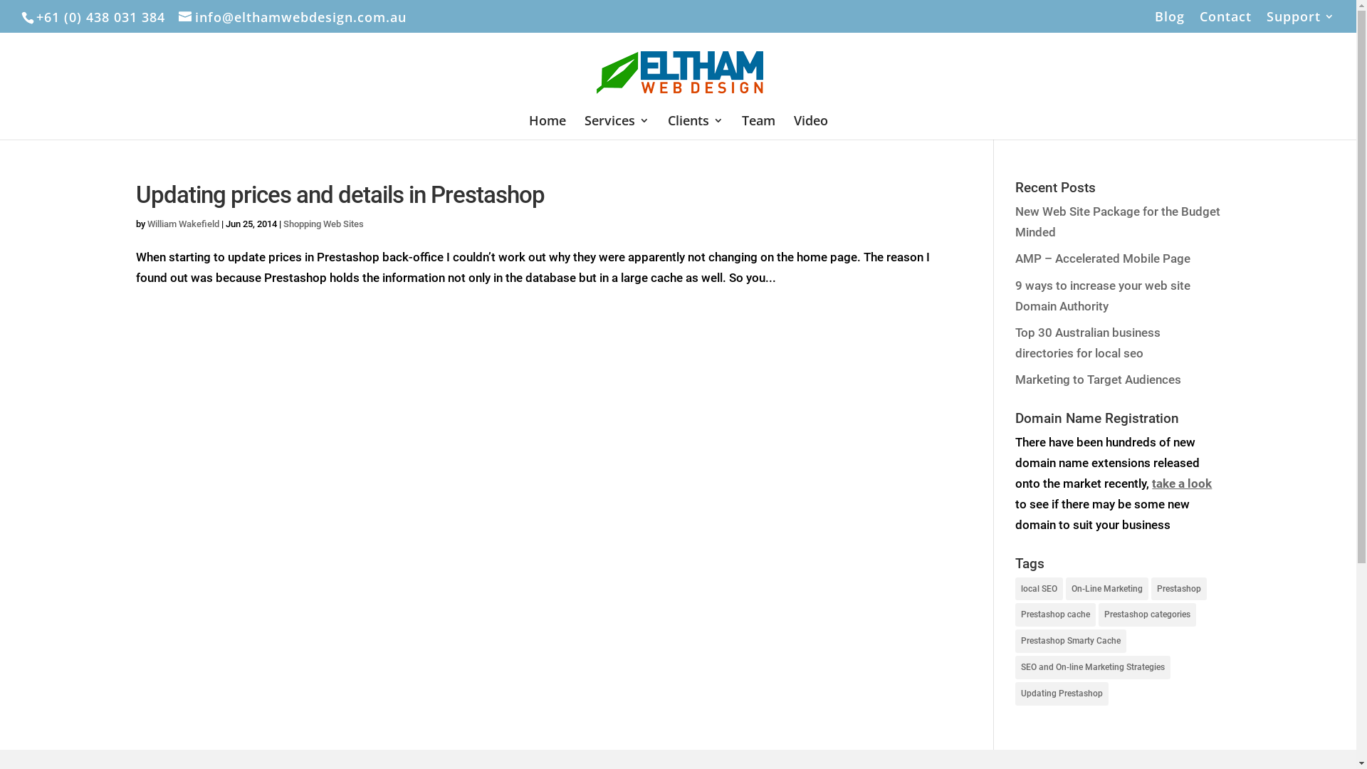 This screenshot has height=769, width=1367. I want to click on 'Contact', so click(1225, 21).